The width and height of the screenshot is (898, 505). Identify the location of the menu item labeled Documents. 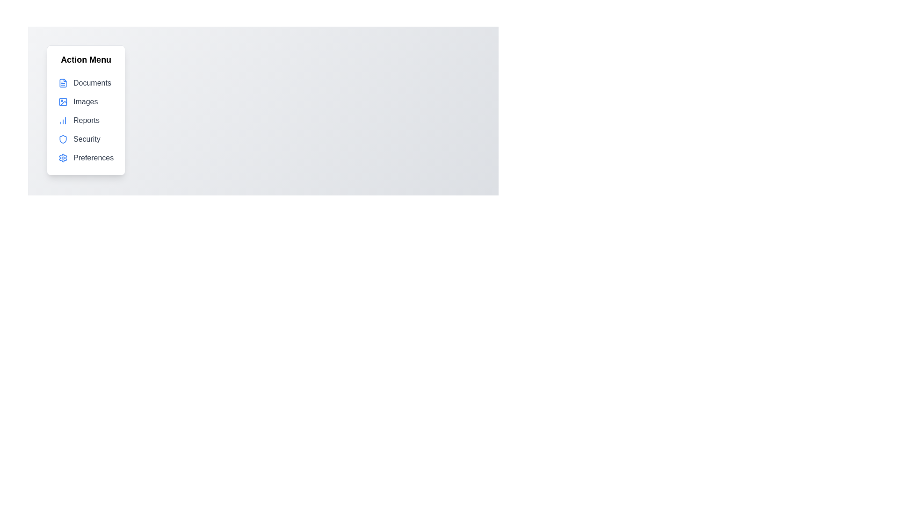
(86, 82).